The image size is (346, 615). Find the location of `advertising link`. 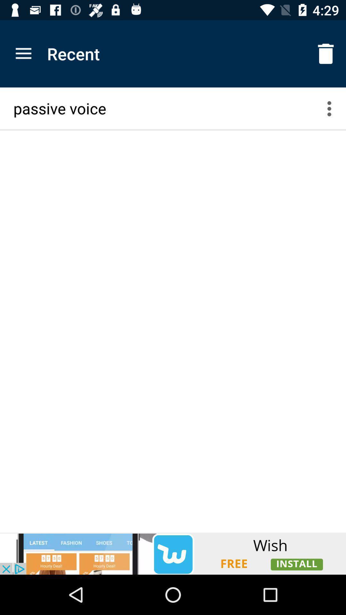

advertising link is located at coordinates (173, 553).